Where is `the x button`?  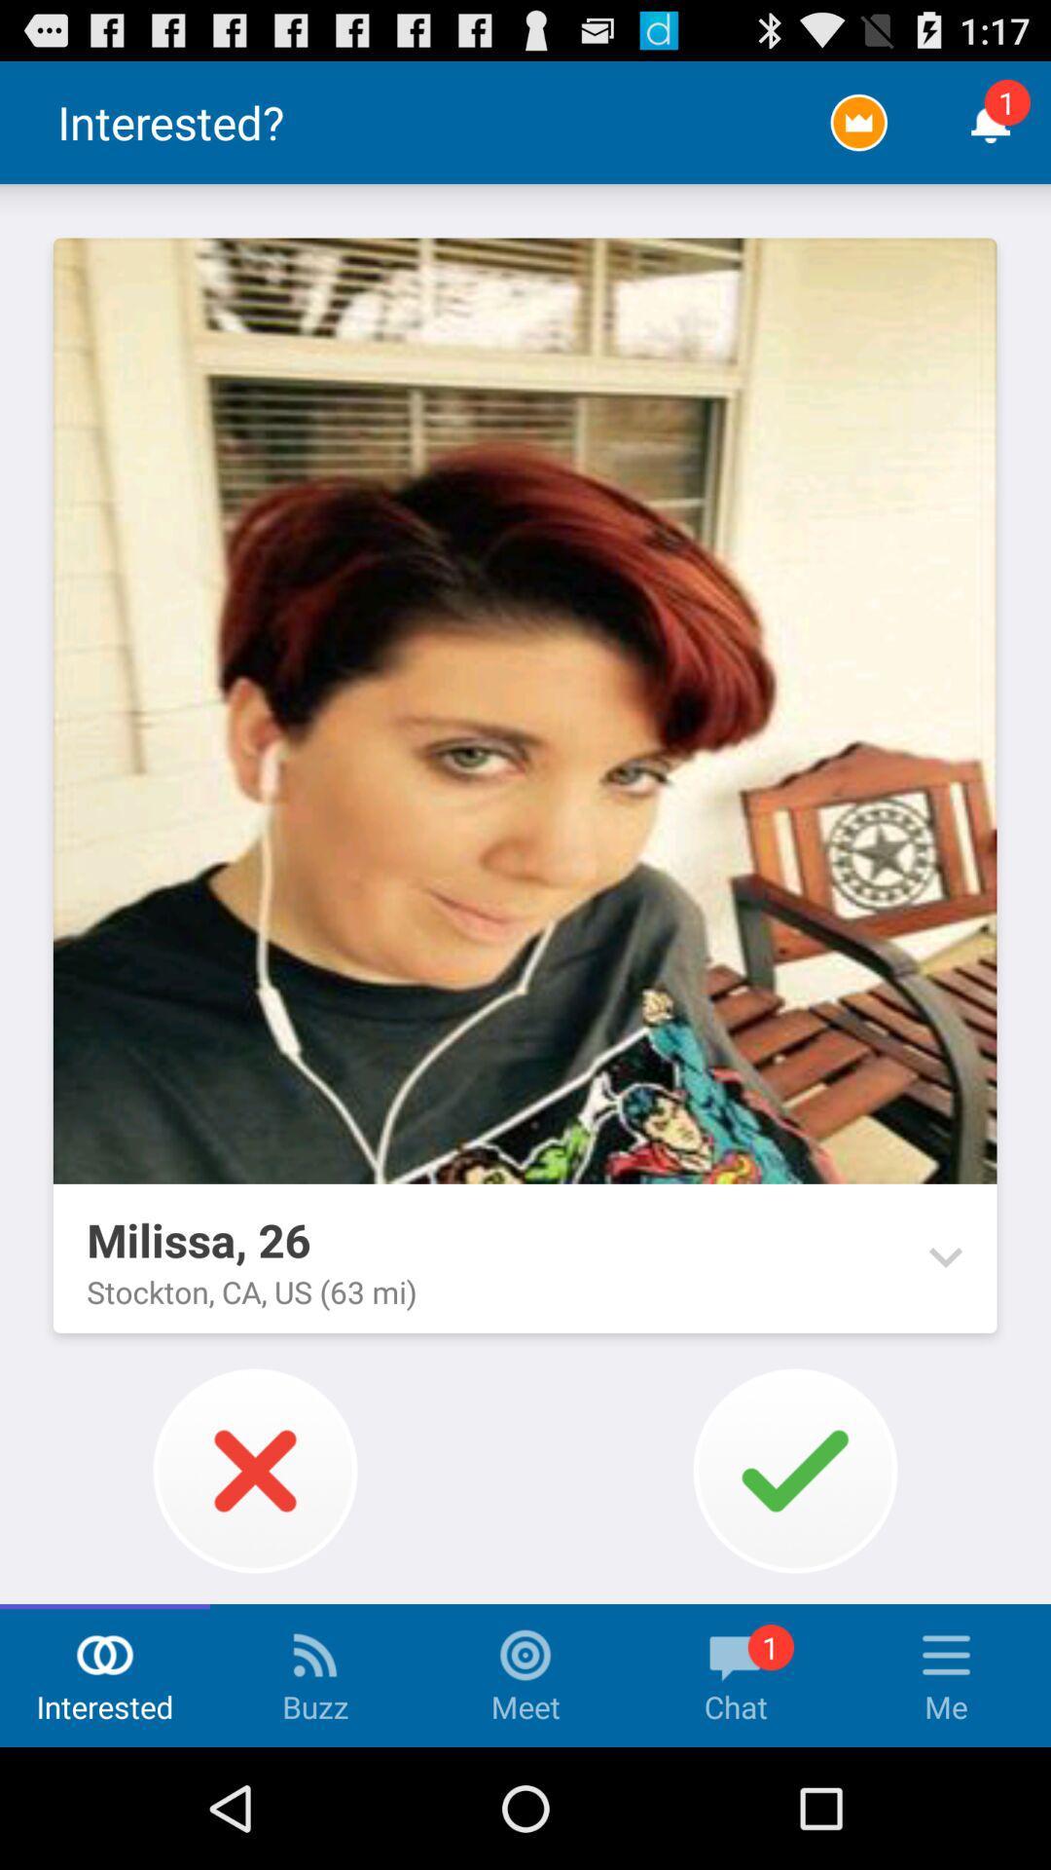 the x button is located at coordinates (254, 1472).